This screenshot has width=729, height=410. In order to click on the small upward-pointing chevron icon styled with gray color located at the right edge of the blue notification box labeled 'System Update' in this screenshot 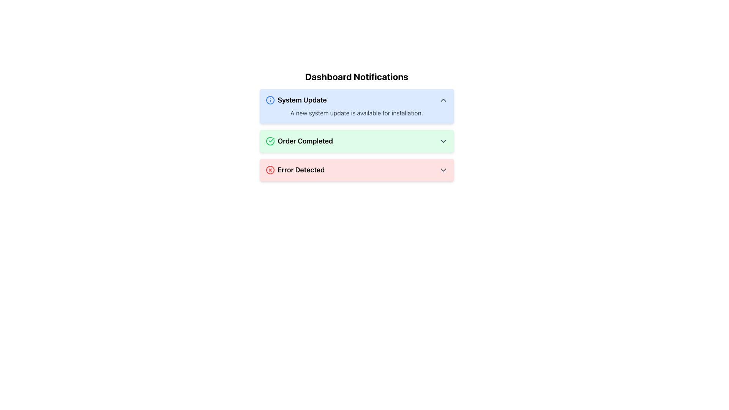, I will do `click(443, 99)`.